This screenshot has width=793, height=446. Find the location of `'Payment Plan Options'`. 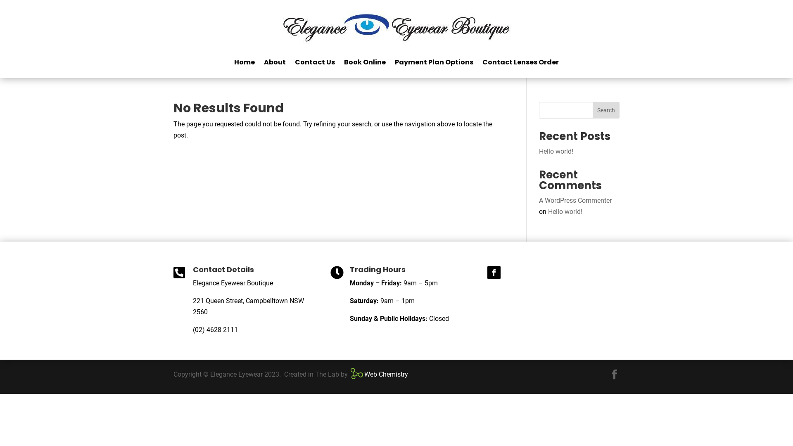

'Payment Plan Options' is located at coordinates (434, 62).